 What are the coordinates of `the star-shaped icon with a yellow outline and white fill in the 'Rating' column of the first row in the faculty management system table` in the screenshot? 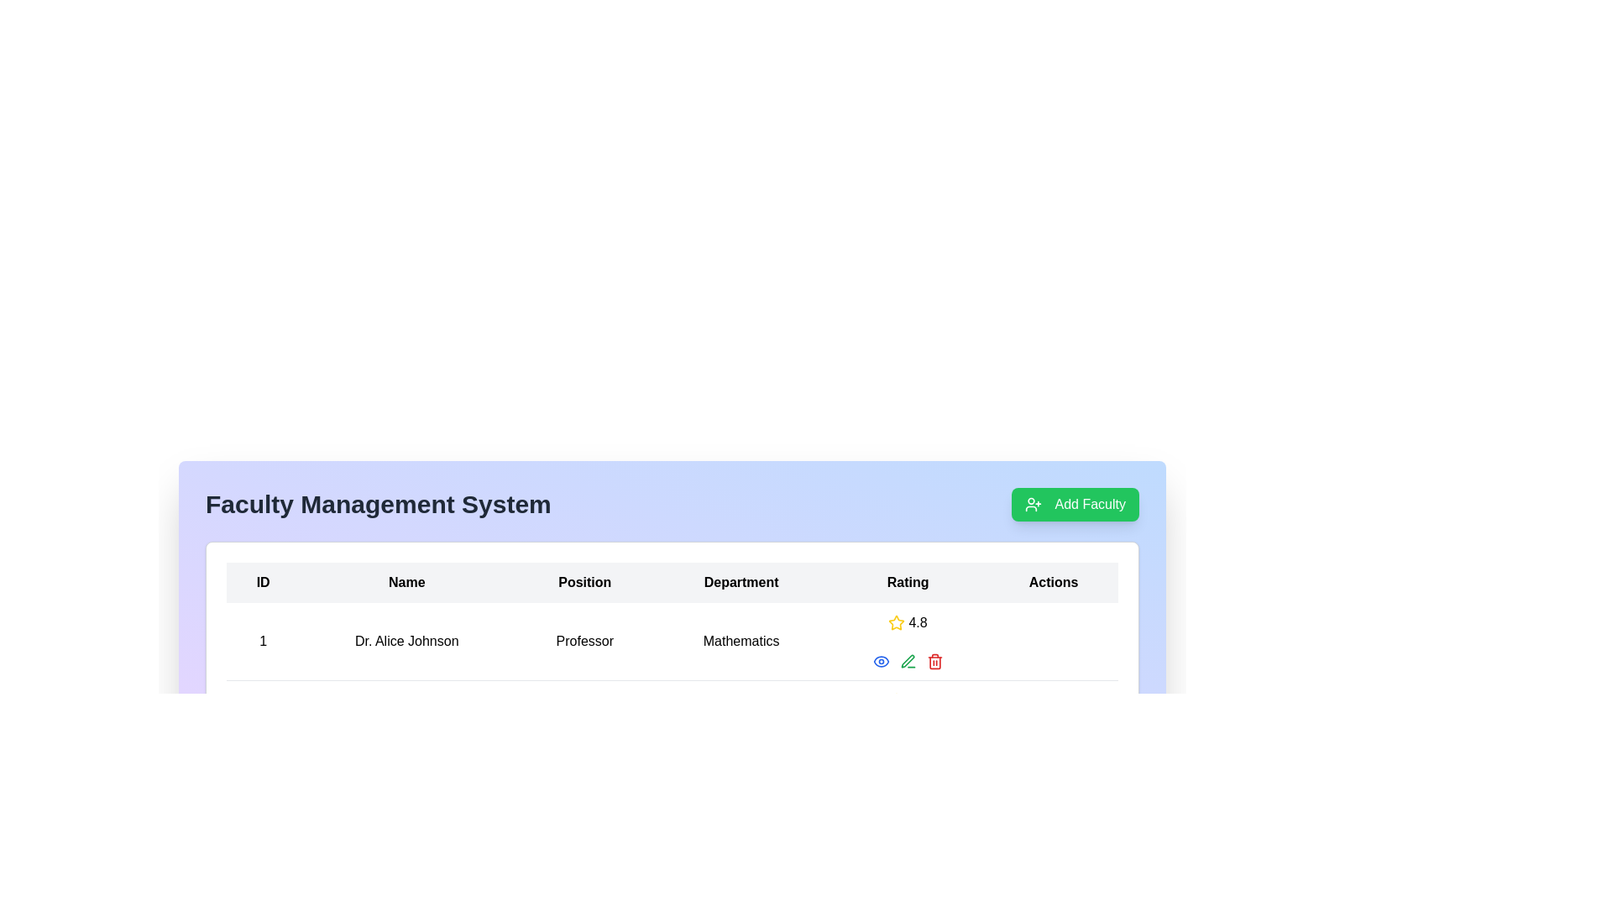 It's located at (896, 622).